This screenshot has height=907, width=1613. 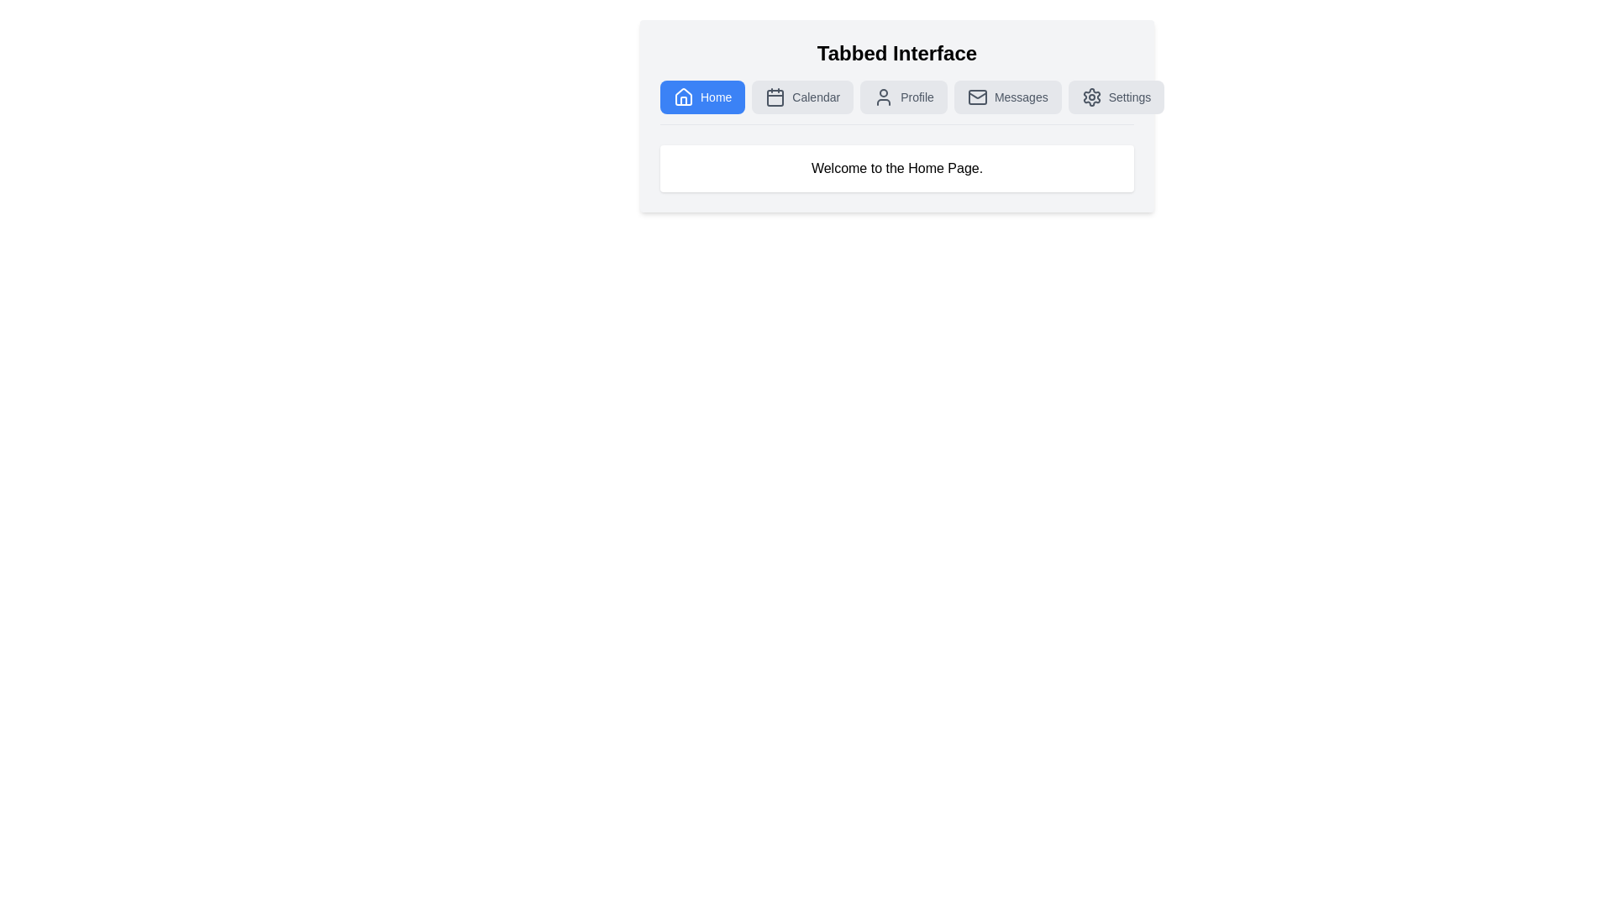 I want to click on the second and smaller geometric segment of the house icon located in the left-most tabbed button labeled 'Home', so click(x=684, y=100).